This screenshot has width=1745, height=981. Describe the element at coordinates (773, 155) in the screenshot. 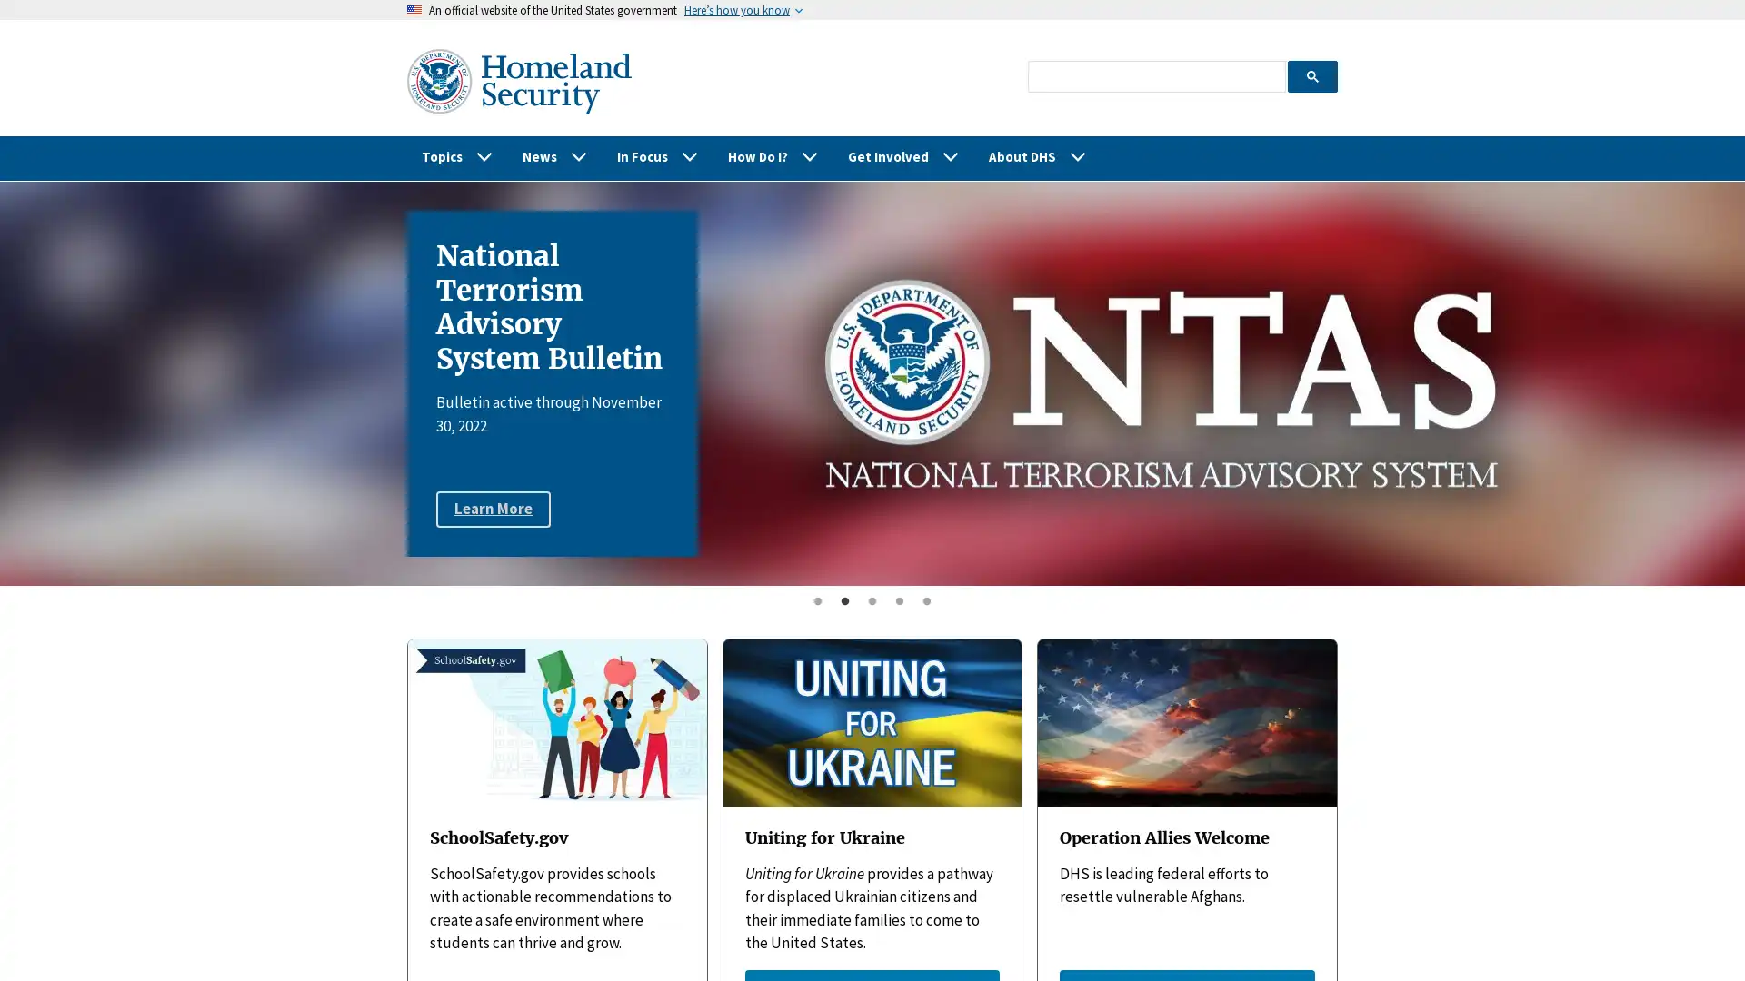

I see `How Do I?` at that location.